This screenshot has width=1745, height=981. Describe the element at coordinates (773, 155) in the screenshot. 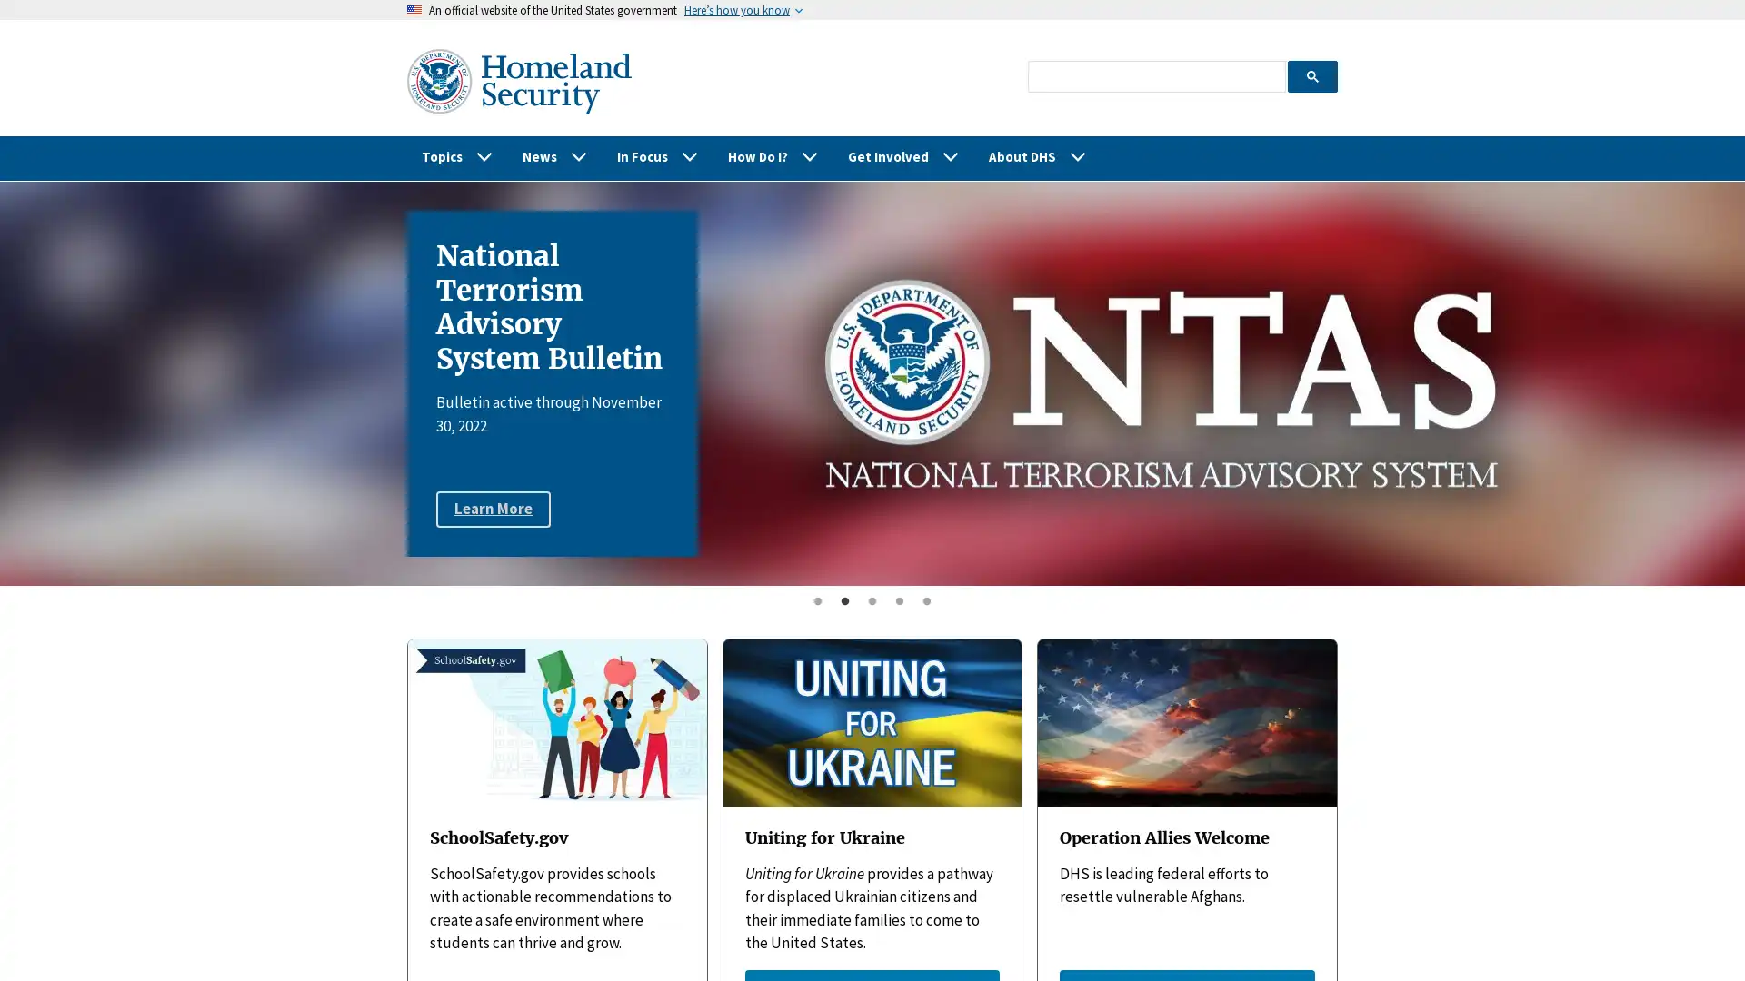

I see `How Do I?` at that location.